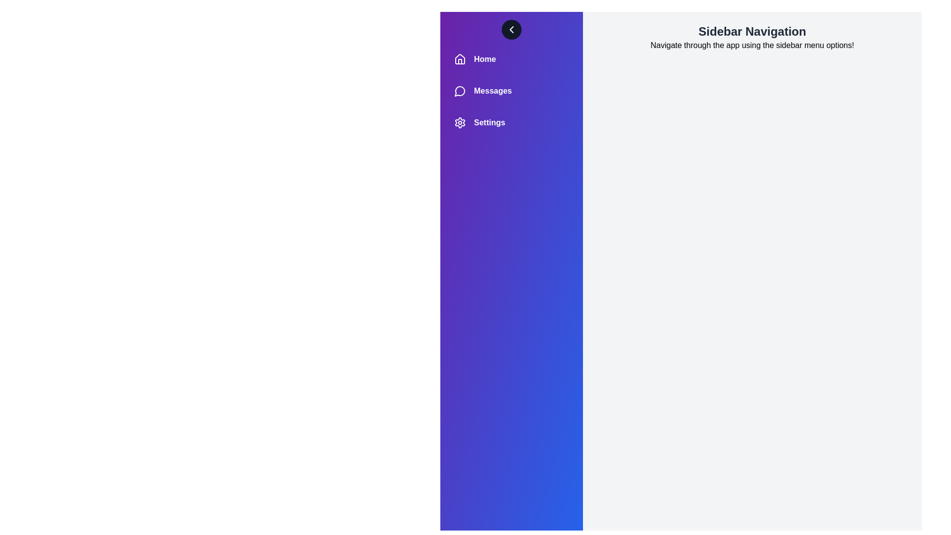 This screenshot has height=535, width=951. What do you see at coordinates (511, 59) in the screenshot?
I see `the 'Home' menu item in the sidebar` at bounding box center [511, 59].